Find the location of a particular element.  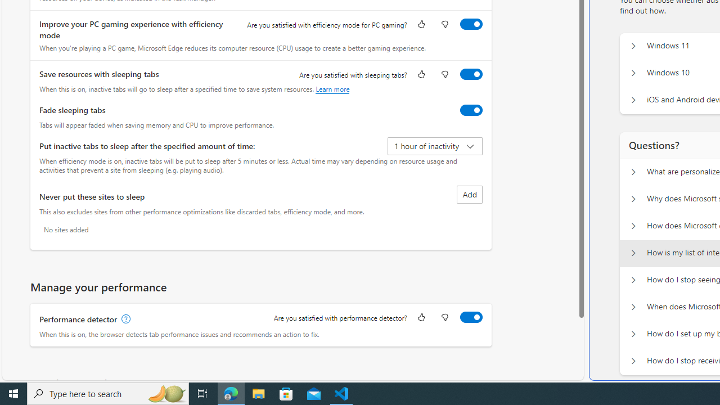

'Performance detector, learn more' is located at coordinates (125, 319).